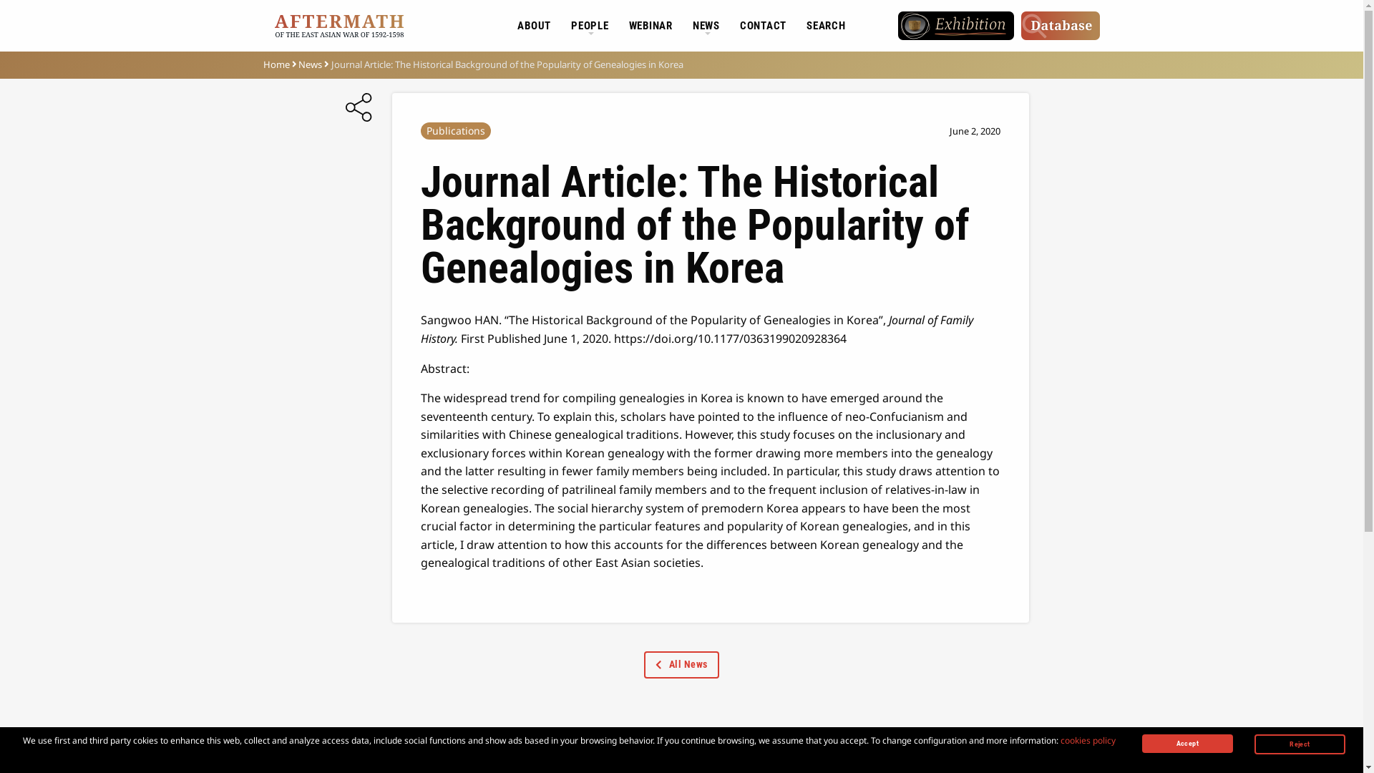 The image size is (1374, 773). I want to click on 'Publications', so click(455, 130).